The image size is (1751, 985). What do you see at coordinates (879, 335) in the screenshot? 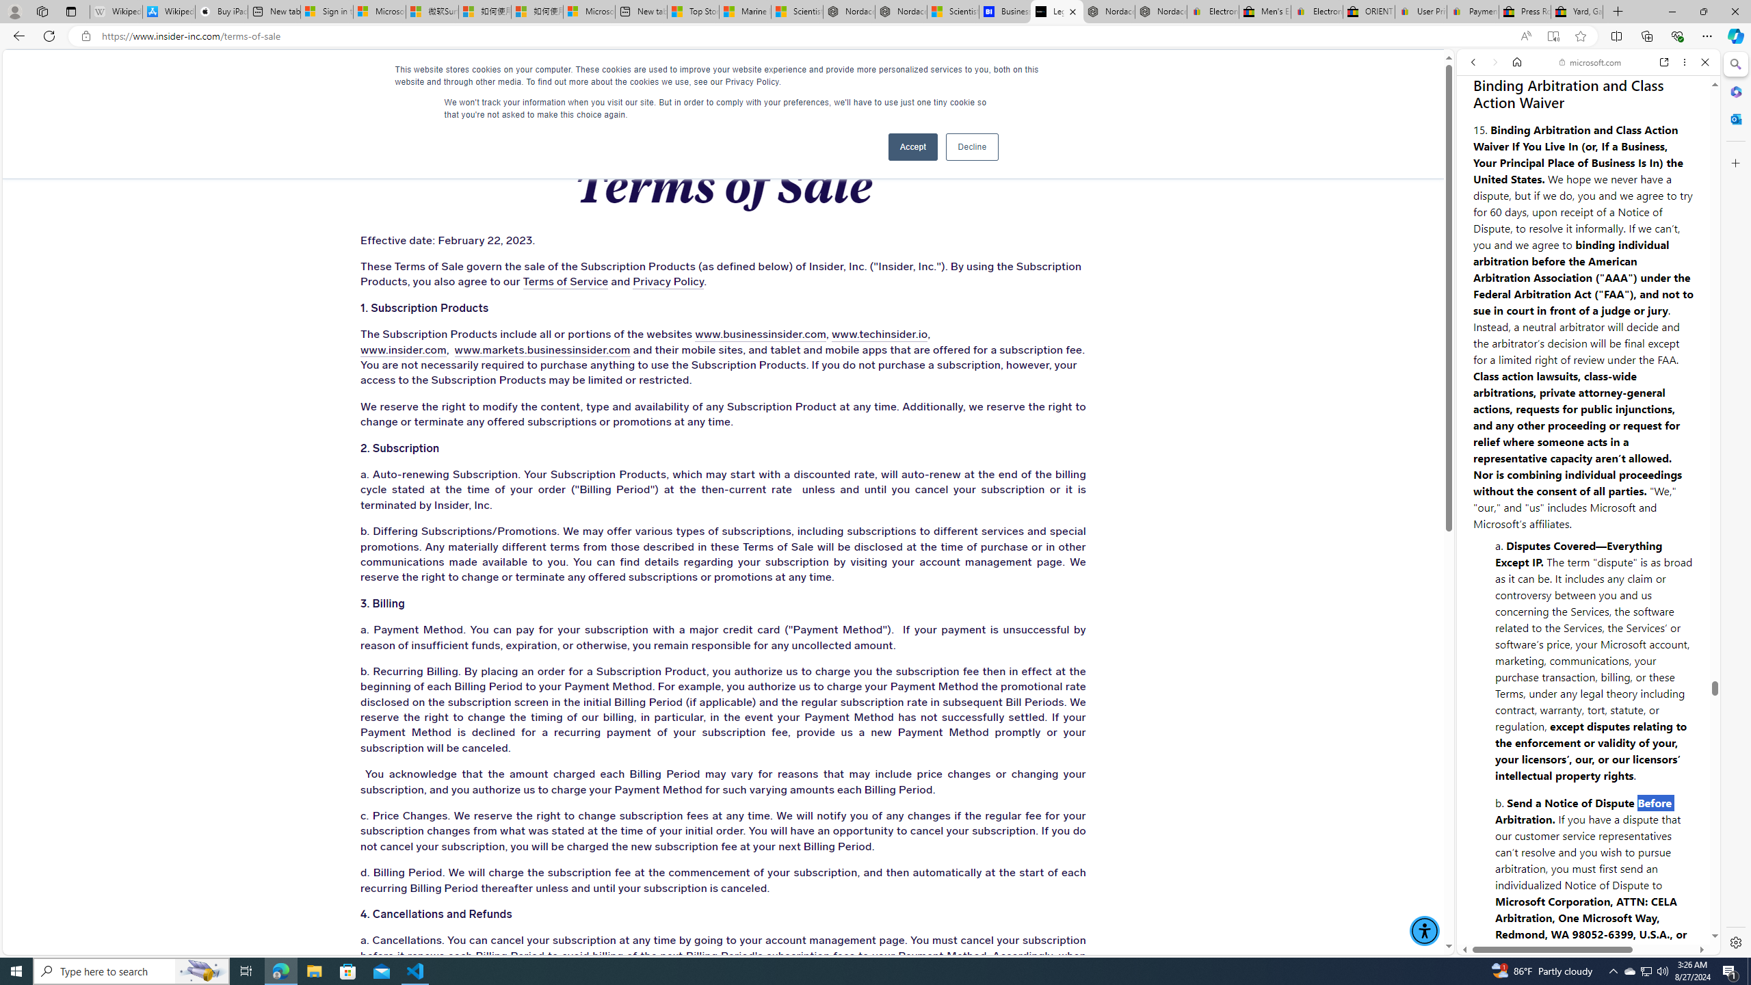
I see `'www.techinsider.io'` at bounding box center [879, 335].